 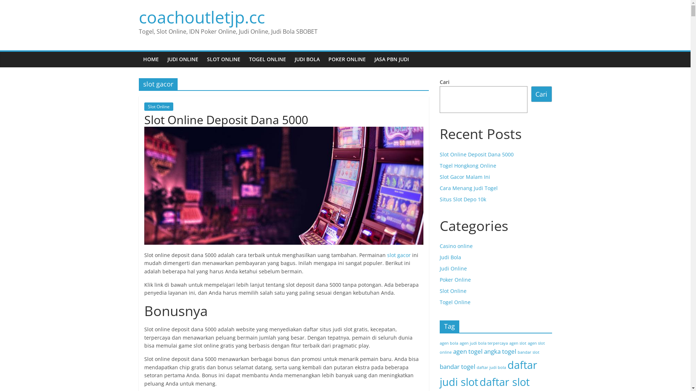 What do you see at coordinates (455, 245) in the screenshot?
I see `'Casino online'` at bounding box center [455, 245].